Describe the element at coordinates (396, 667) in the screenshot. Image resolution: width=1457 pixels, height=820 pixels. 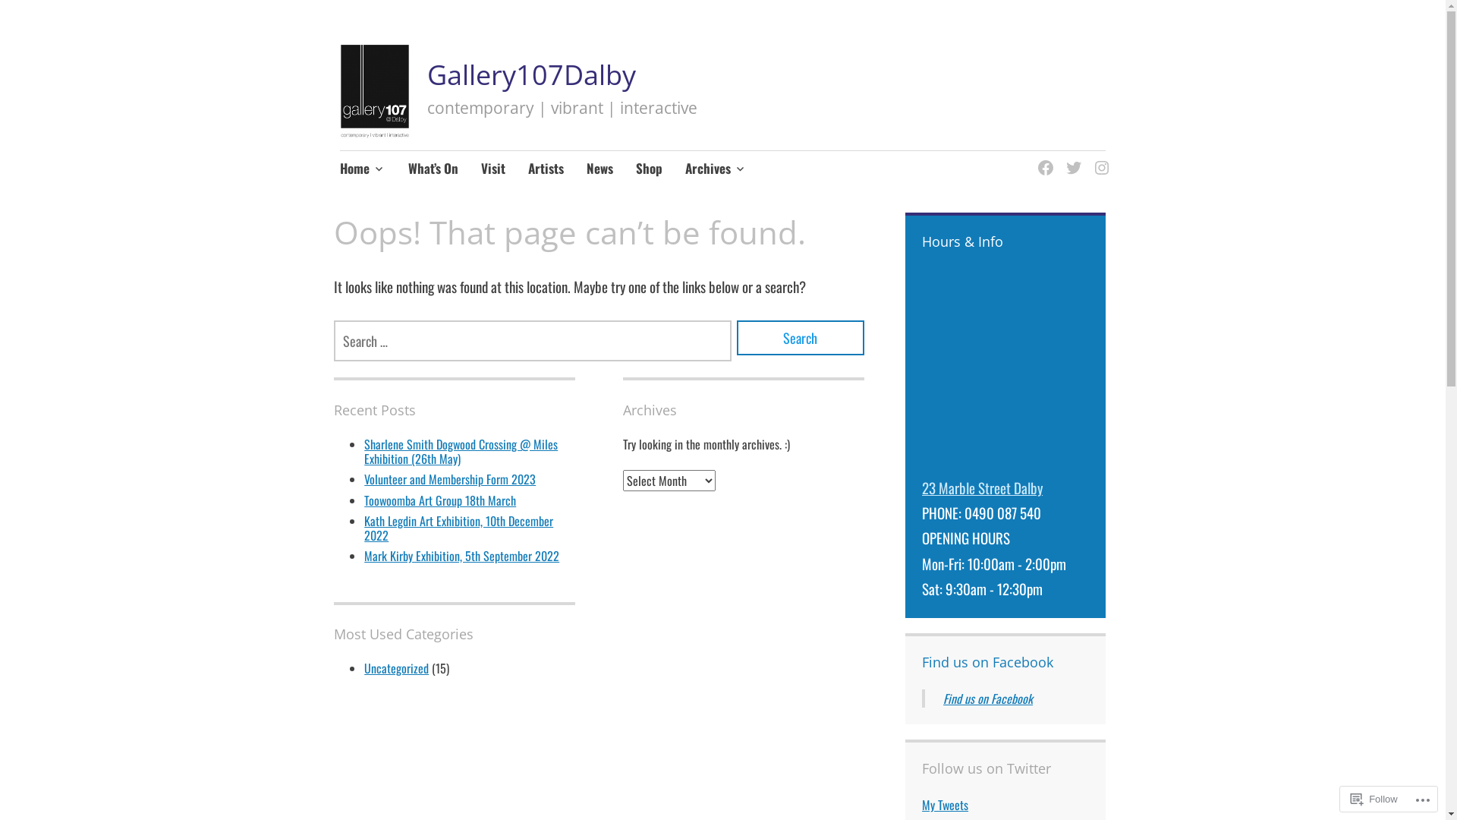
I see `'Uncategorized'` at that location.